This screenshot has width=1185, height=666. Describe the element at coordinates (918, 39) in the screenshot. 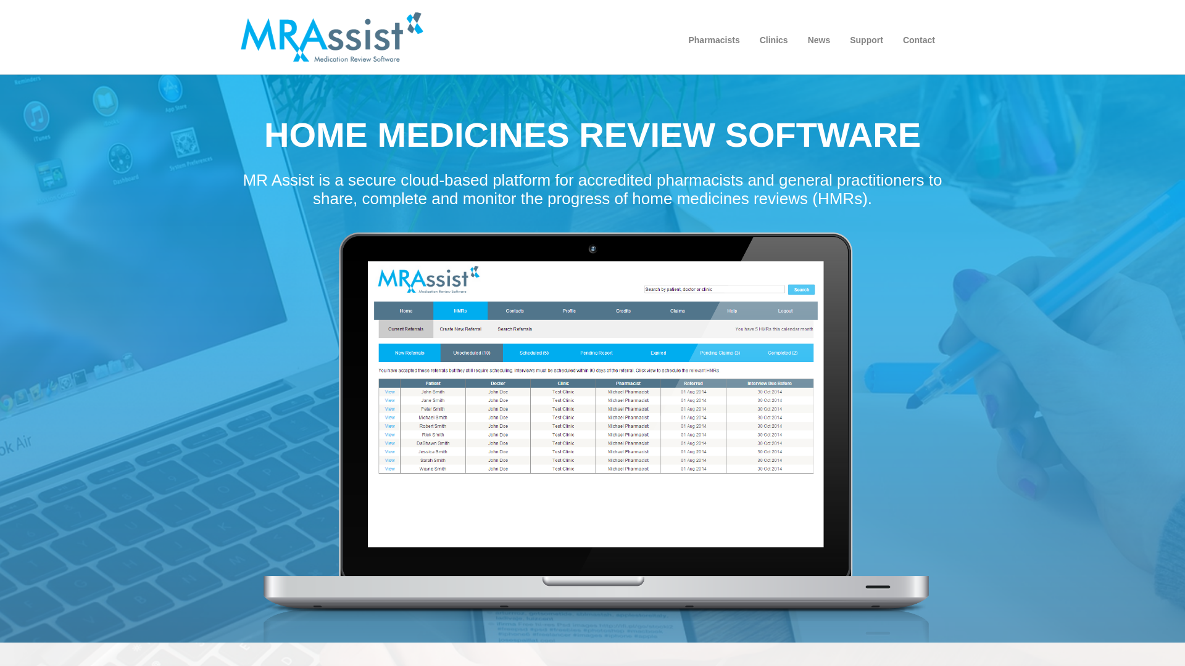

I see `'Contact'` at that location.